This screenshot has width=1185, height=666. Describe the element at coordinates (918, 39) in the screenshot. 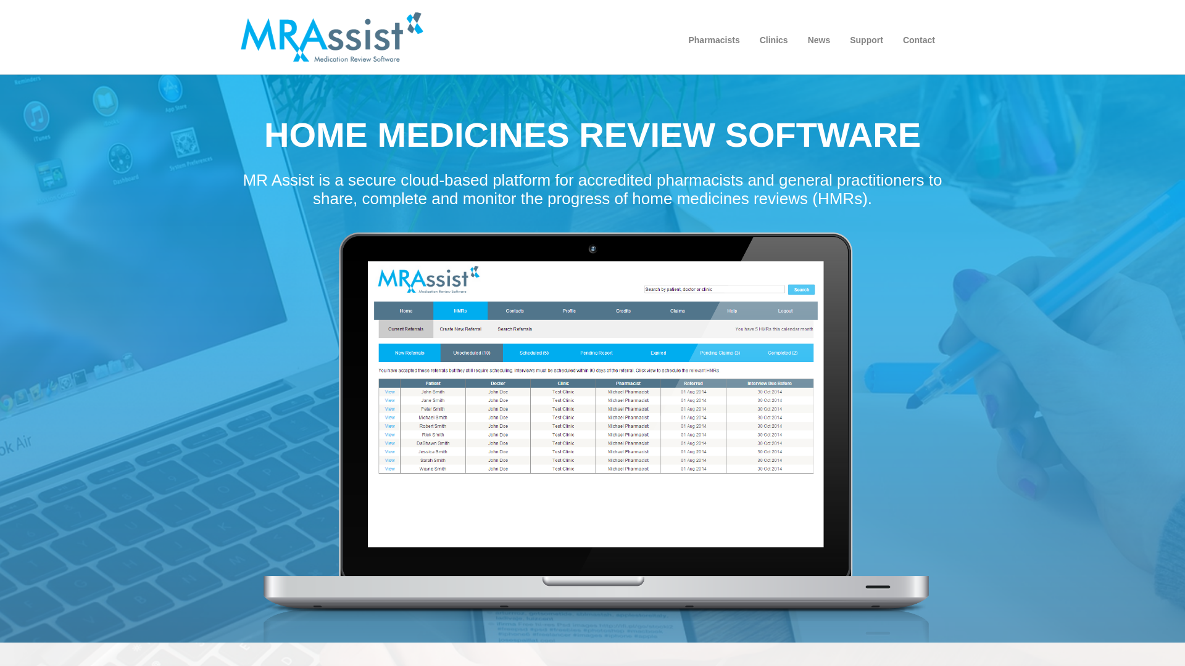

I see `'Contact'` at that location.